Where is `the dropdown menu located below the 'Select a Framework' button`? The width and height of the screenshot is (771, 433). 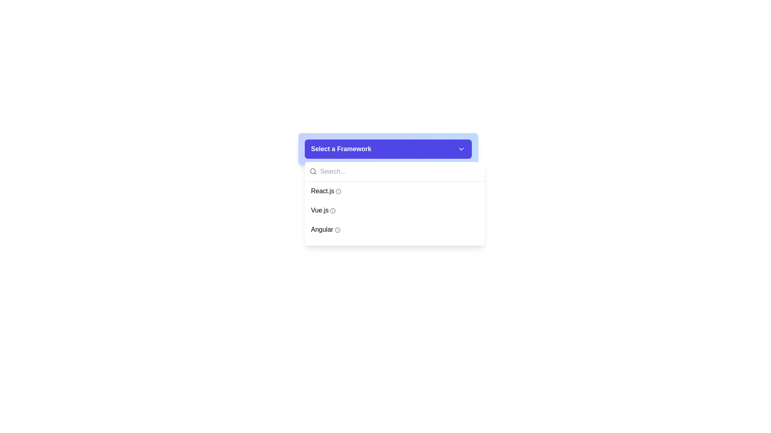 the dropdown menu located below the 'Select a Framework' button is located at coordinates (394, 203).